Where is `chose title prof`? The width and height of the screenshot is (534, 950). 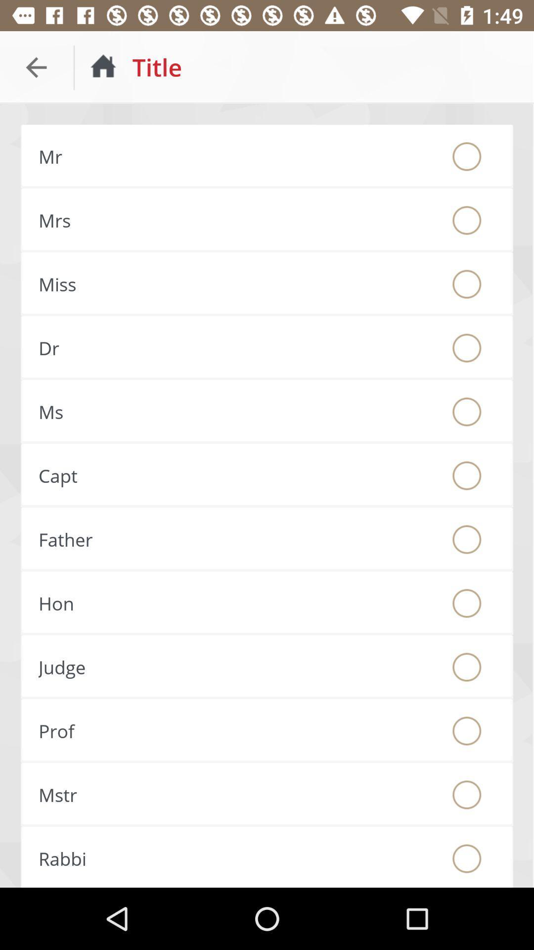
chose title prof is located at coordinates (467, 731).